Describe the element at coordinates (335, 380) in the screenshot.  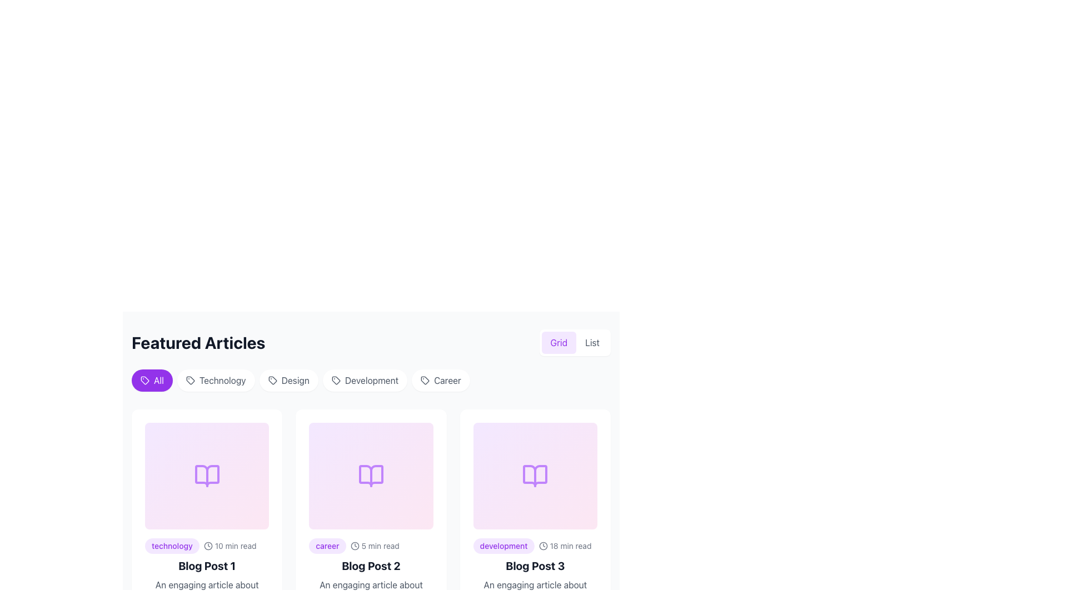
I see `the icon that visually identifies the 'Development' label, positioned to the left of the text label` at that location.